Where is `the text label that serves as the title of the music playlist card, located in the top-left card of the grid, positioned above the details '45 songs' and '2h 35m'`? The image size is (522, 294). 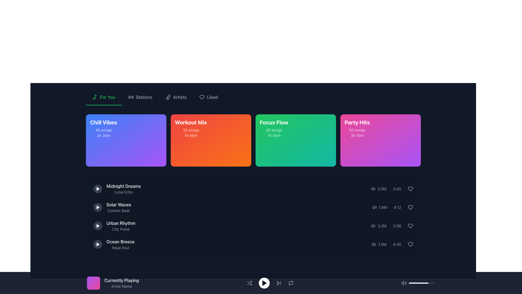
the text label that serves as the title of the music playlist card, located in the top-left card of the grid, positioned above the details '45 songs' and '2h 35m' is located at coordinates (104, 122).